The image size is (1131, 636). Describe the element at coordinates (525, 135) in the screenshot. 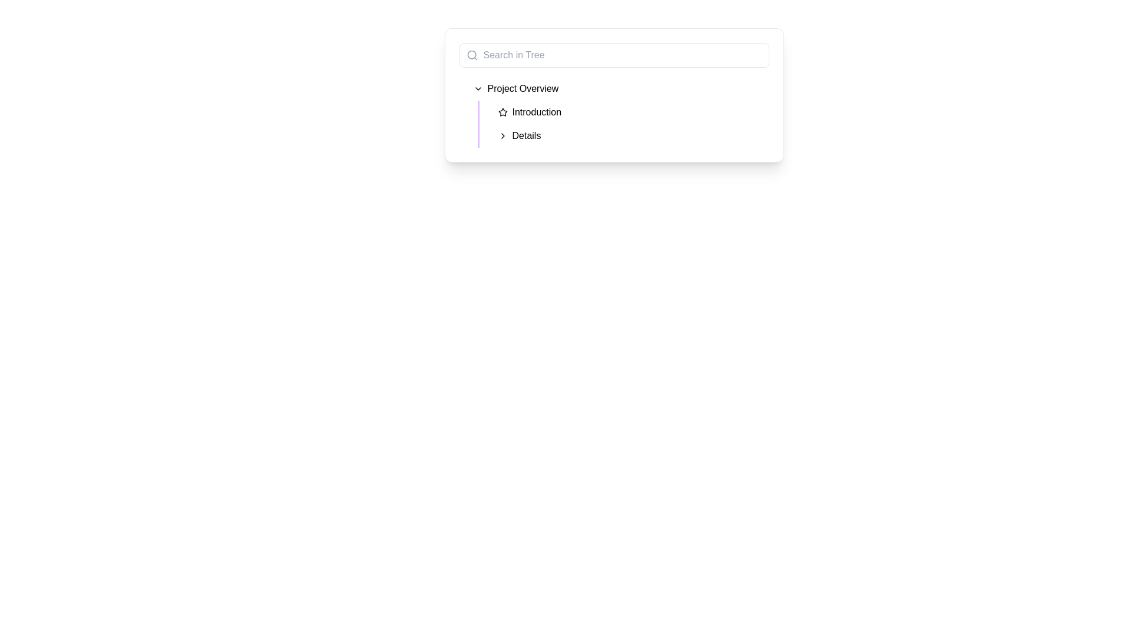

I see `the 'Details' clickable text label located under the 'Project Overview' section, positioned` at that location.